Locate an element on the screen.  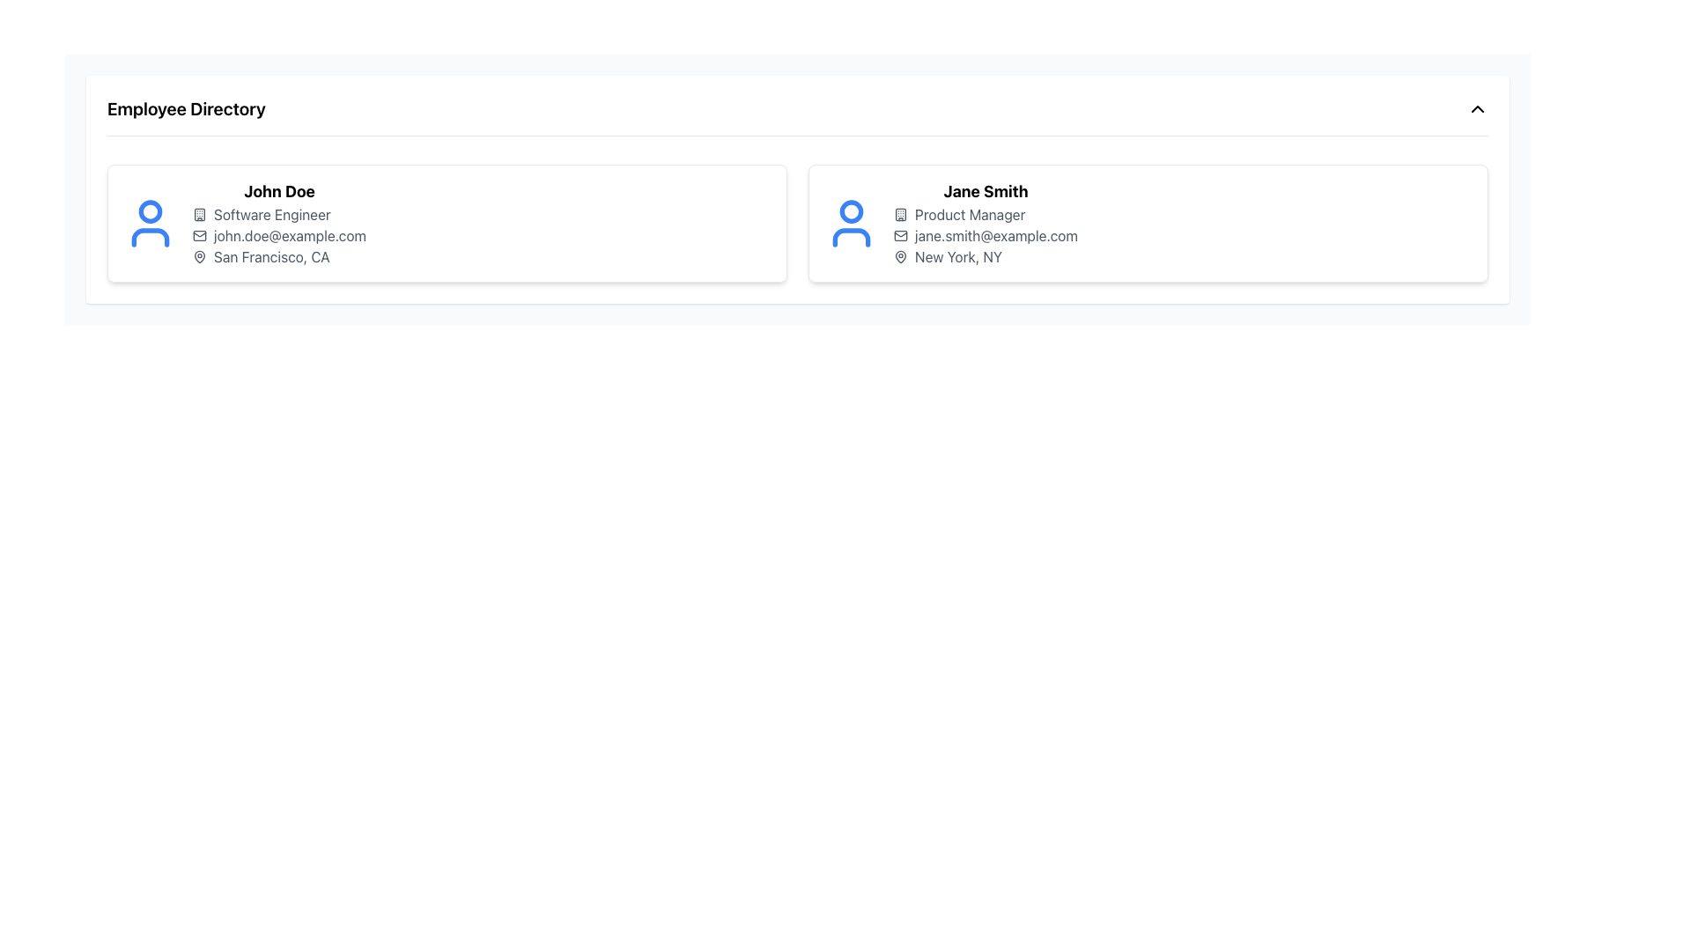
the outer curved shape of the SVG location pin icon located in Jane Smith's employee card, which is below her email address and adjacent to 'New York, NY' is located at coordinates (900, 257).